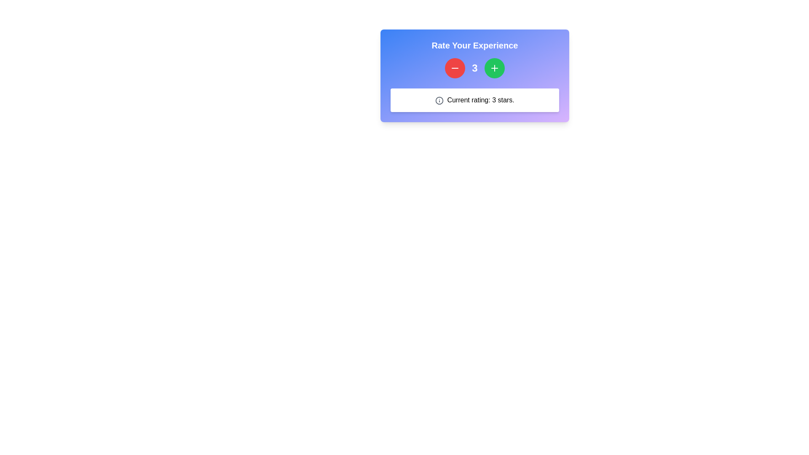  Describe the element at coordinates (475, 68) in the screenshot. I see `the large white number '3' text label, which is centrally positioned between the red minus button and the green plus button` at that location.